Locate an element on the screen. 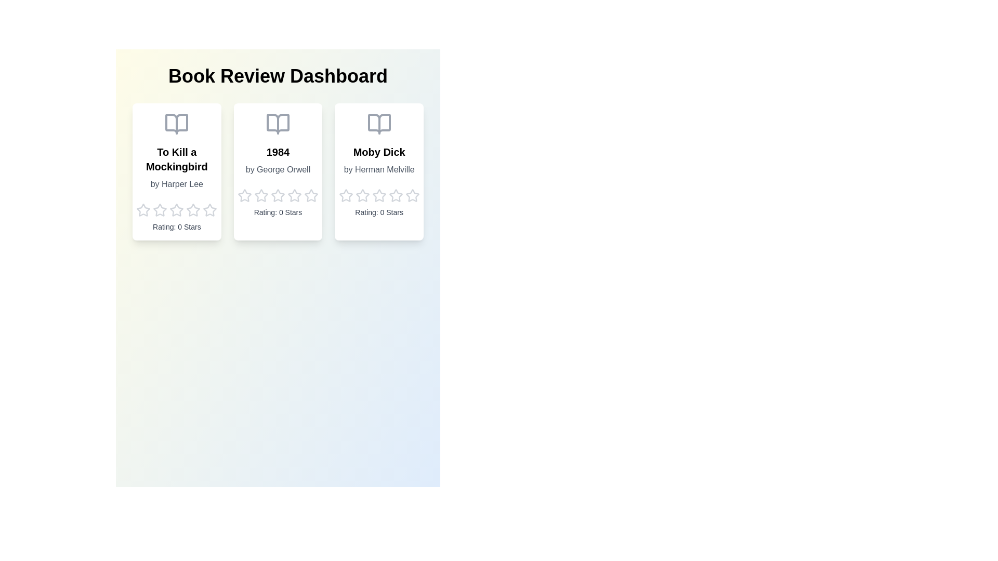  the star icon corresponding to the rating 1 for the book 1 is located at coordinates (142, 210).